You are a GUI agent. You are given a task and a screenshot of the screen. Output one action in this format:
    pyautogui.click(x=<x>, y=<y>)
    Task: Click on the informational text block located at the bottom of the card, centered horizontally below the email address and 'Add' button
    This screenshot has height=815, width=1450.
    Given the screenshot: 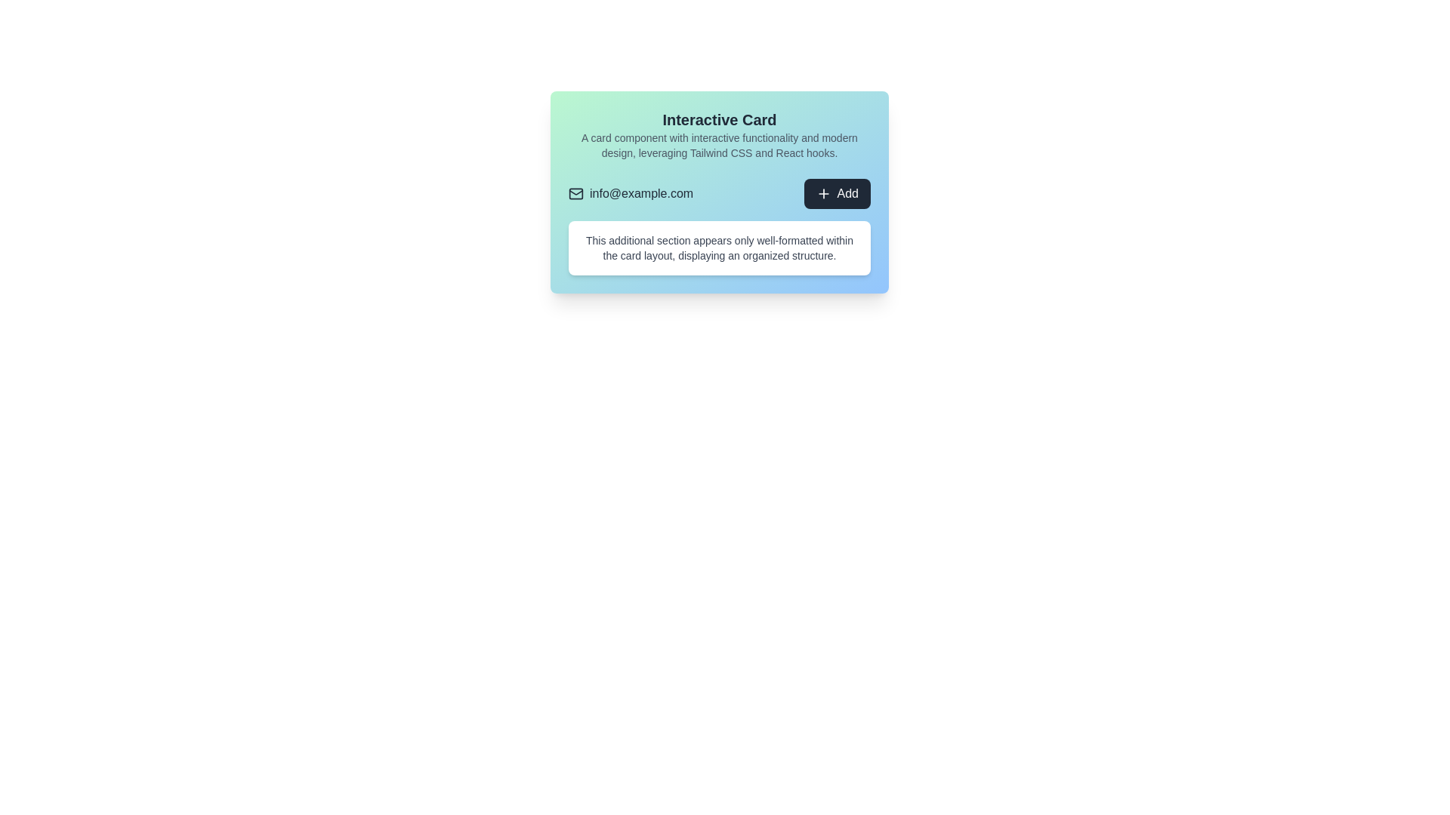 What is the action you would take?
    pyautogui.click(x=719, y=247)
    